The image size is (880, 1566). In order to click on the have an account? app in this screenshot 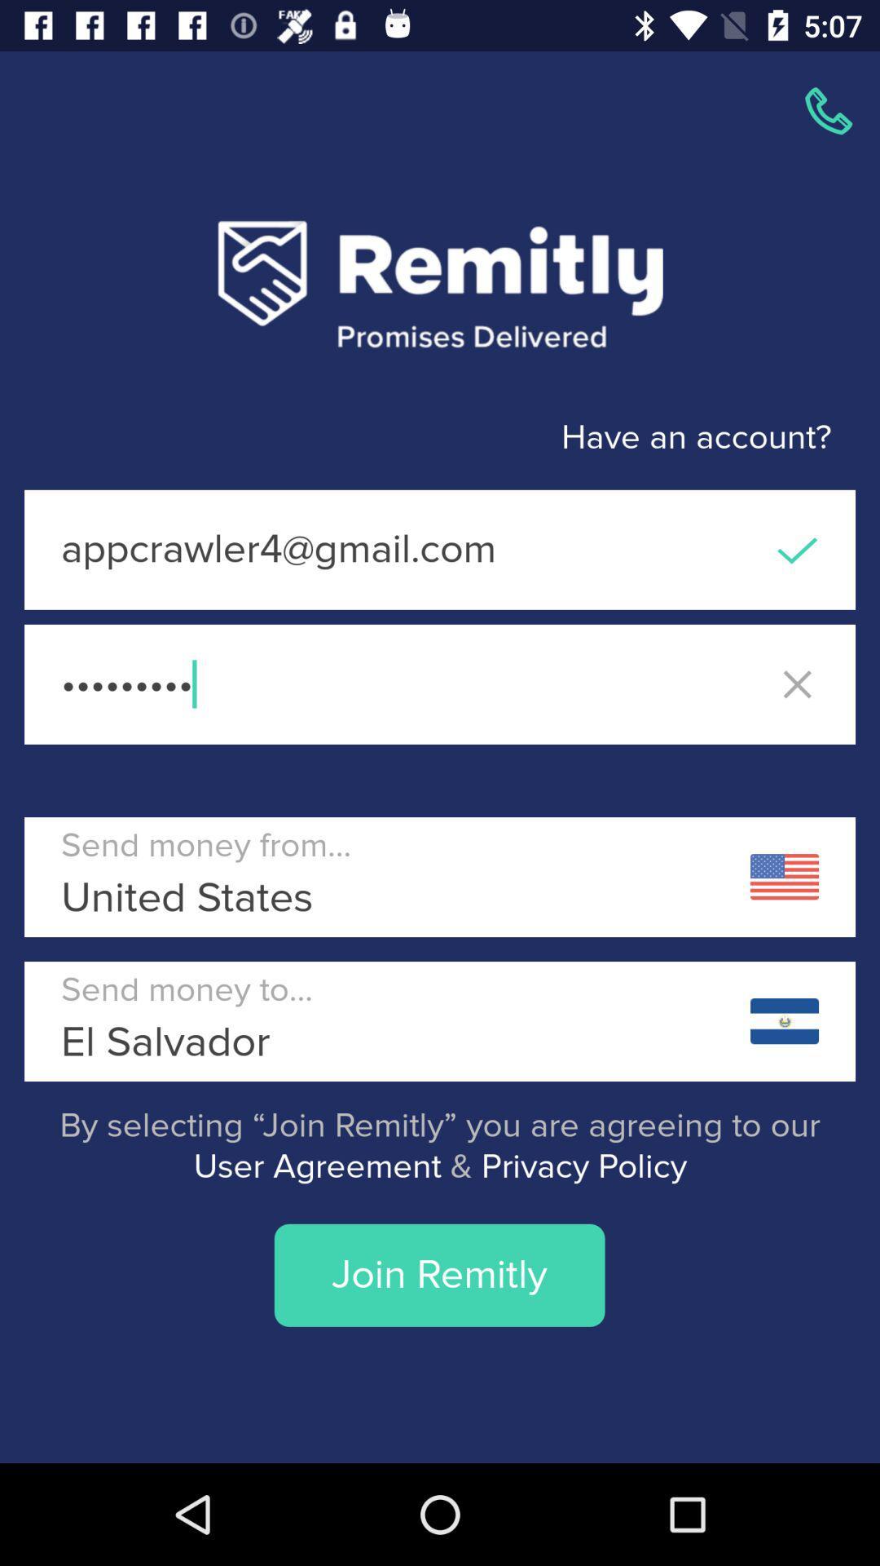, I will do `click(415, 438)`.